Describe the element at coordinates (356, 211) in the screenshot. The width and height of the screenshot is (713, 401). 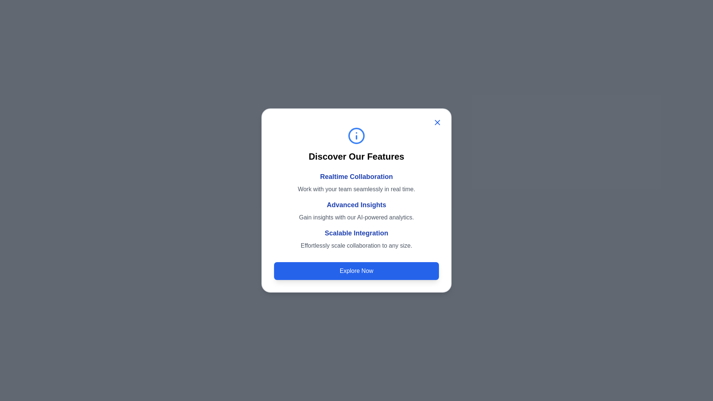
I see `the informational section titled 'Realtime Collaboration', 'Advanced Insights', and 'Scalable Integration' located in the central panel of the pop-up below the heading 'Discover Our Features'` at that location.